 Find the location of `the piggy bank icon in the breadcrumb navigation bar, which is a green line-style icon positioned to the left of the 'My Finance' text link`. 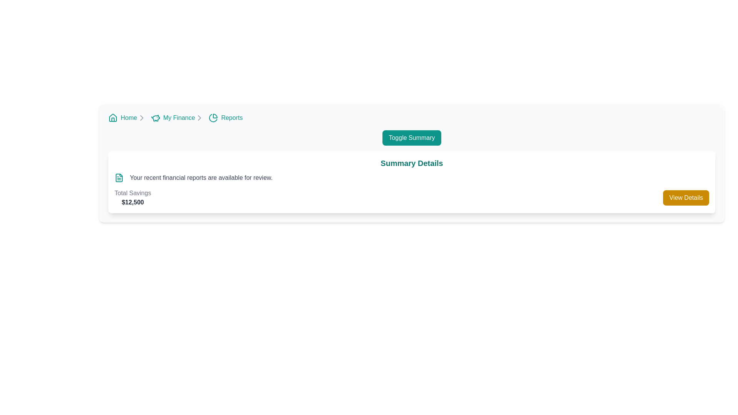

the piggy bank icon in the breadcrumb navigation bar, which is a green line-style icon positioned to the left of the 'My Finance' text link is located at coordinates (155, 118).